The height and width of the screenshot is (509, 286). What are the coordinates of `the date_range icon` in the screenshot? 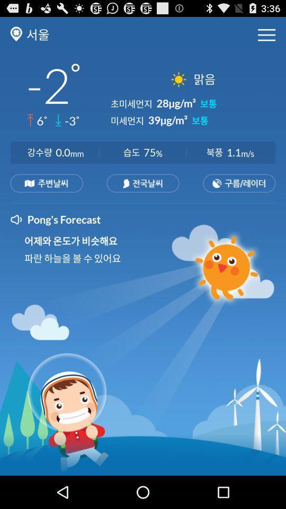 It's located at (239, 195).